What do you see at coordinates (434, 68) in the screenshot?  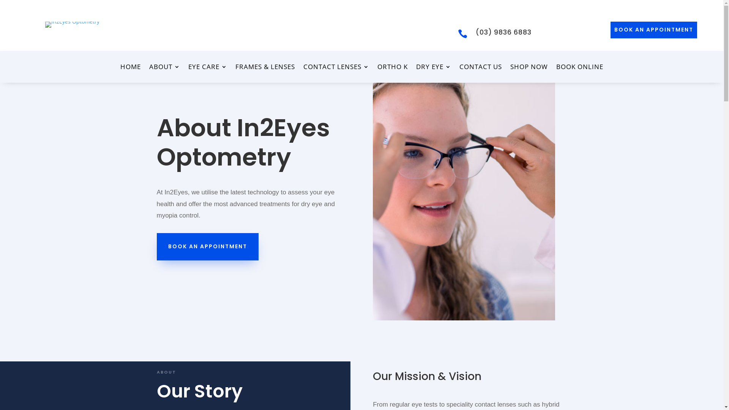 I see `'DRY EYE'` at bounding box center [434, 68].